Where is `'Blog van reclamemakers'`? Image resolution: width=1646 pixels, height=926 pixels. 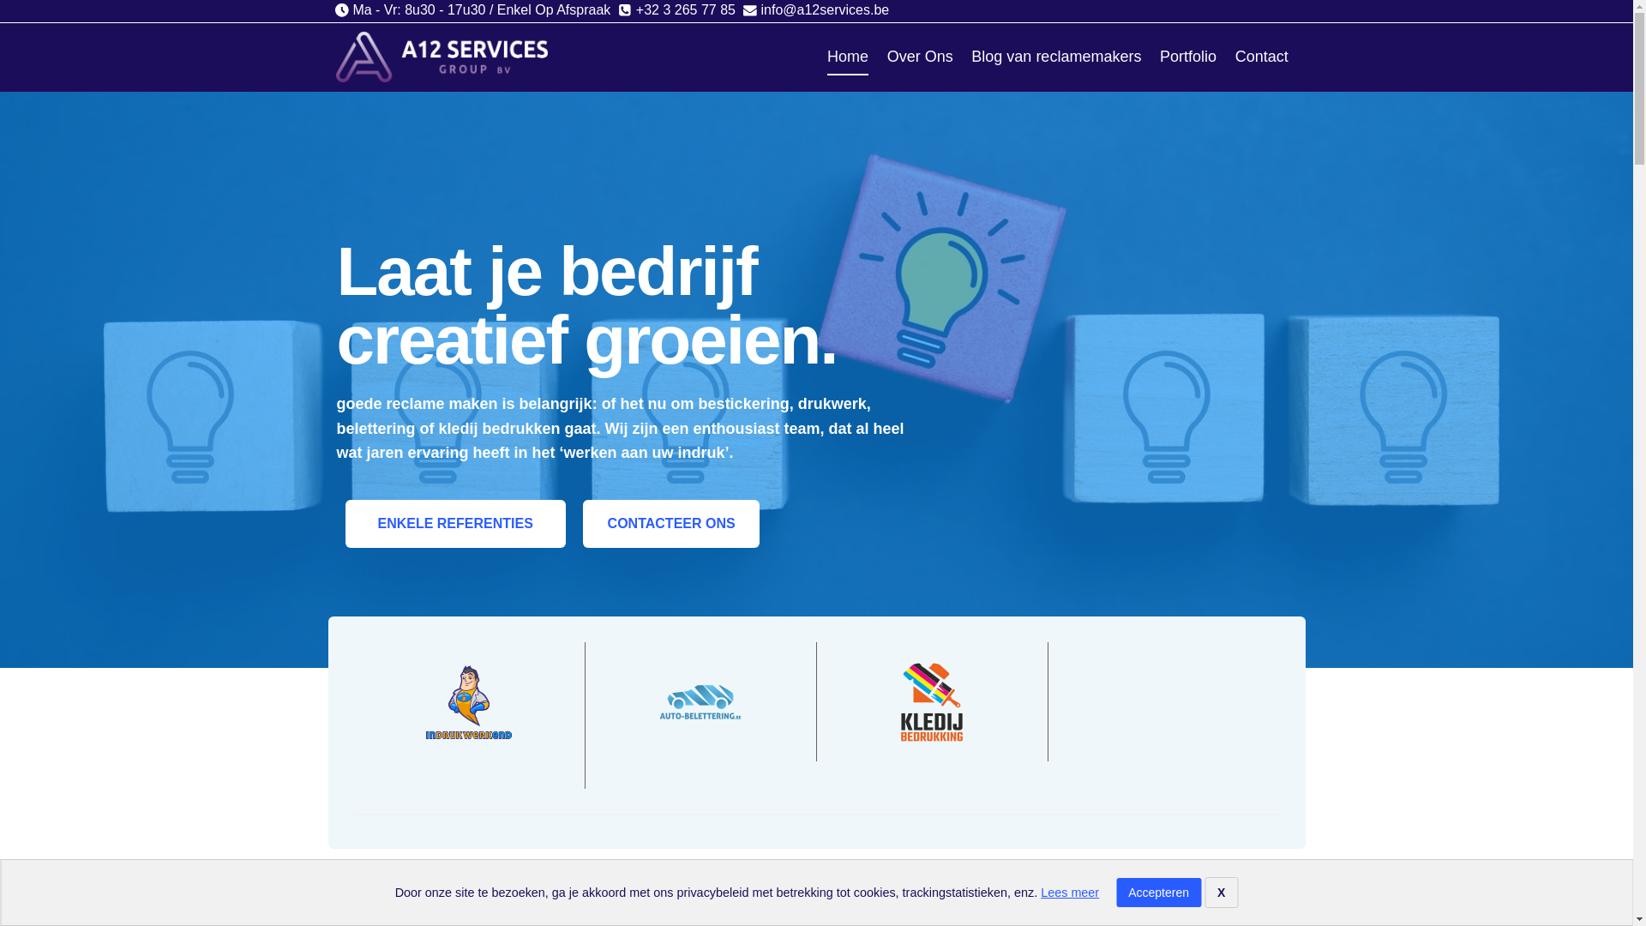 'Blog van reclamemakers' is located at coordinates (963, 56).